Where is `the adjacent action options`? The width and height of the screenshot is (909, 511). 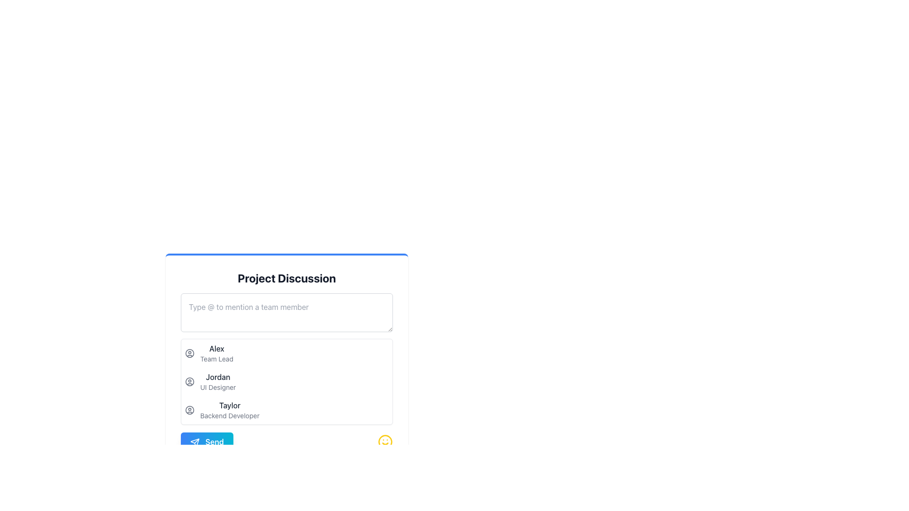
the adjacent action options is located at coordinates (217, 381).